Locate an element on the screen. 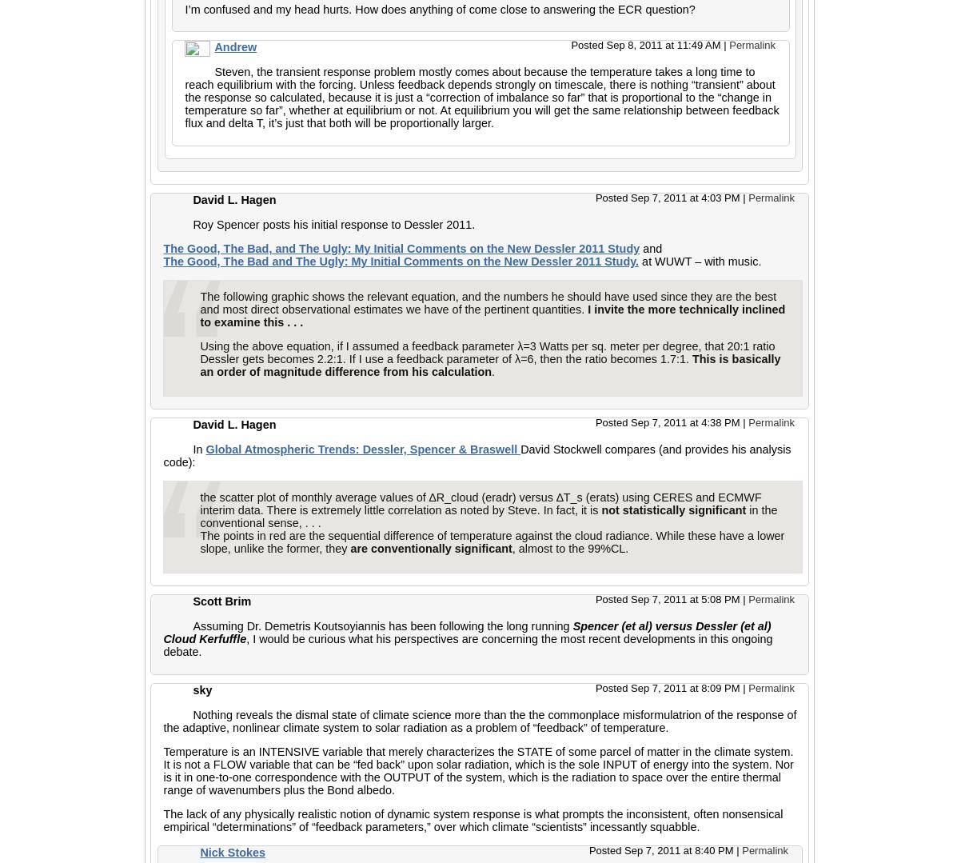 The height and width of the screenshot is (863, 969). 'I’m confused and my head hurts. How does anything of come close to answering the ECR question?' is located at coordinates (440, 9).